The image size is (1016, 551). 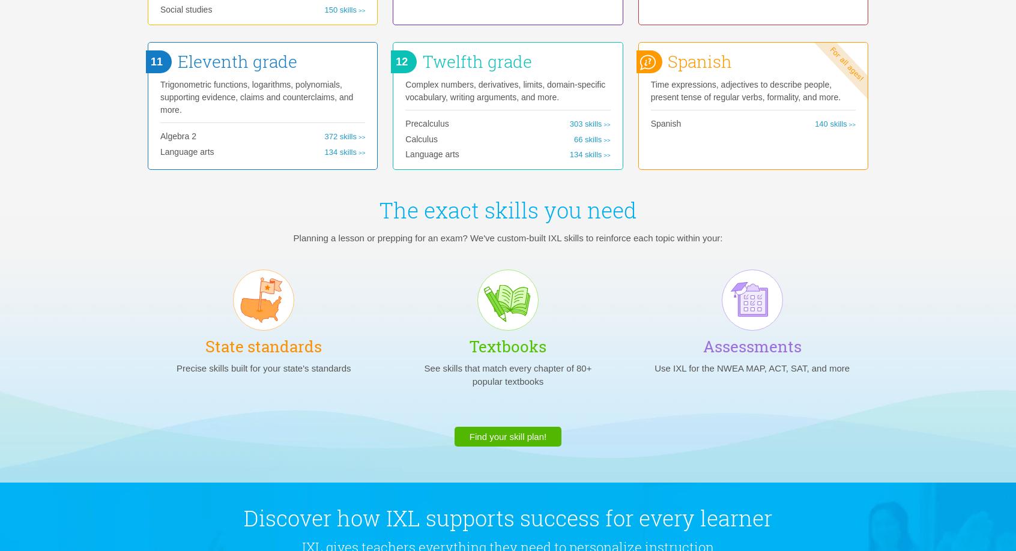 What do you see at coordinates (237, 61) in the screenshot?
I see `'Eleventh grade'` at bounding box center [237, 61].